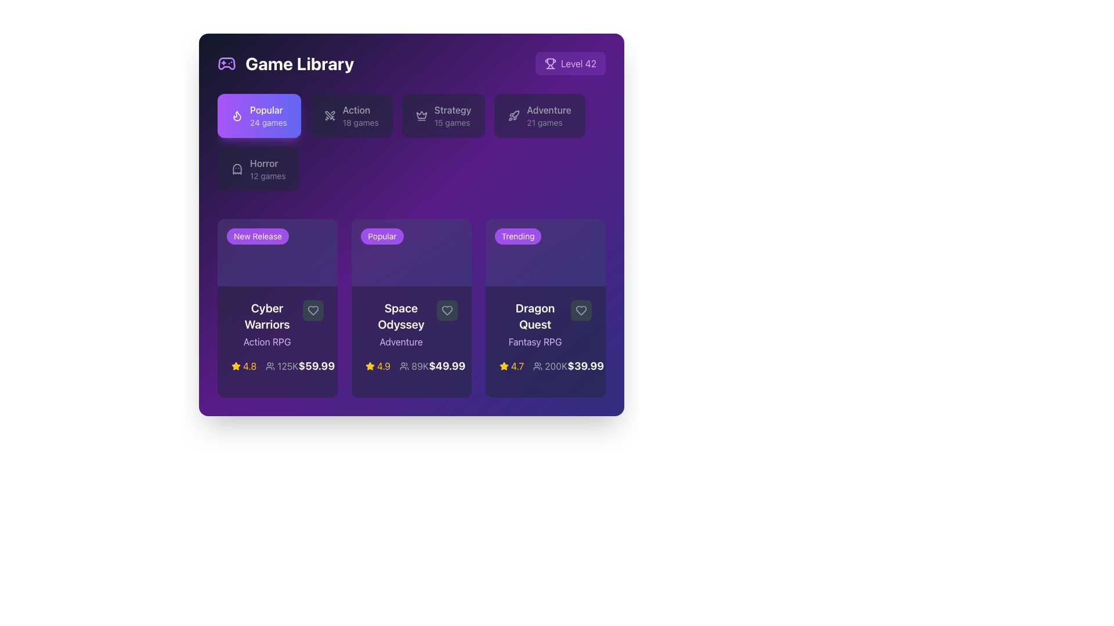 The height and width of the screenshot is (626, 1114). Describe the element at coordinates (313, 310) in the screenshot. I see `the heart icon button located at the top-right corner of the 'Cyber Warriors' card` at that location.